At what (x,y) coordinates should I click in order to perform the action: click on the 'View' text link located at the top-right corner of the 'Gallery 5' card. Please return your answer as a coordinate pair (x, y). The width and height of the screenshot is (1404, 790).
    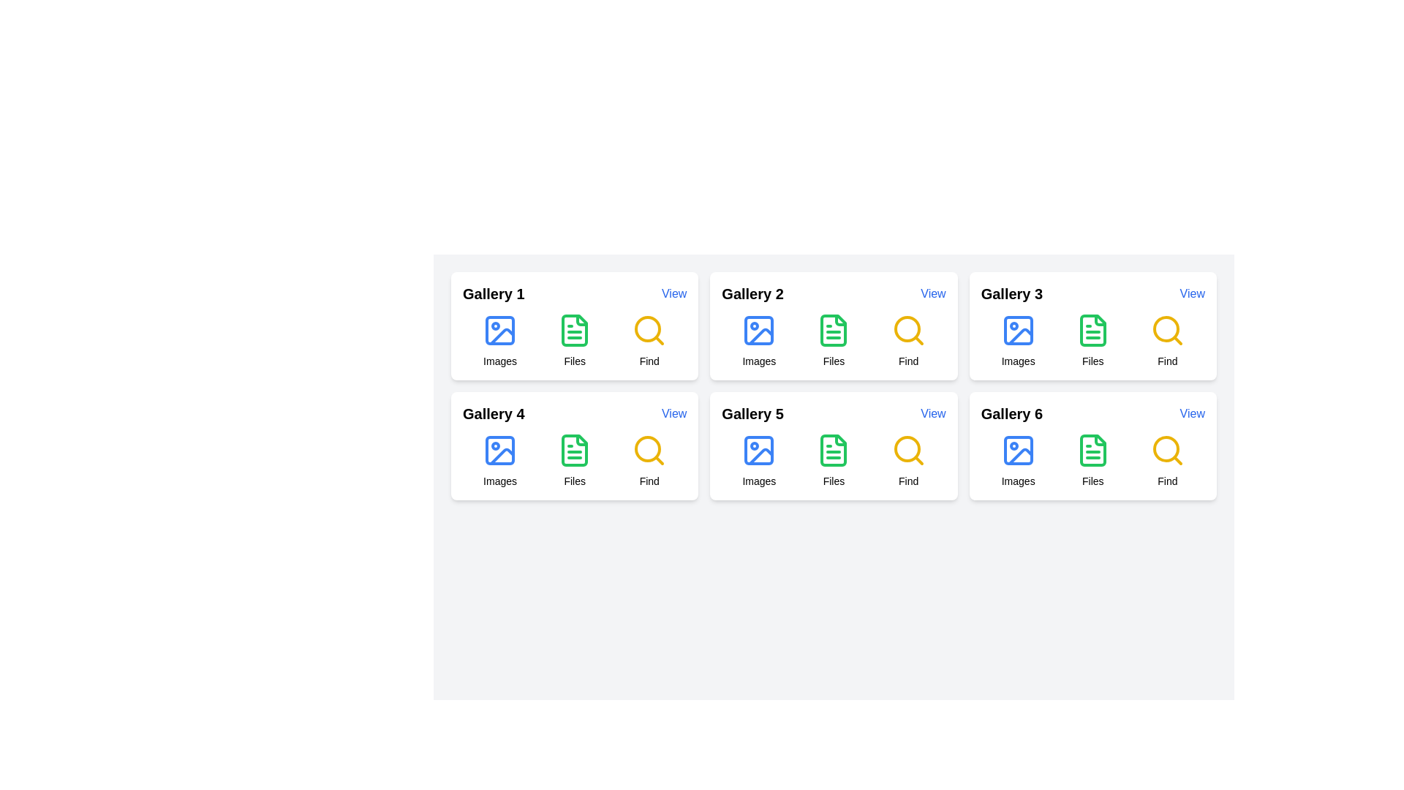
    Looking at the image, I should click on (932, 414).